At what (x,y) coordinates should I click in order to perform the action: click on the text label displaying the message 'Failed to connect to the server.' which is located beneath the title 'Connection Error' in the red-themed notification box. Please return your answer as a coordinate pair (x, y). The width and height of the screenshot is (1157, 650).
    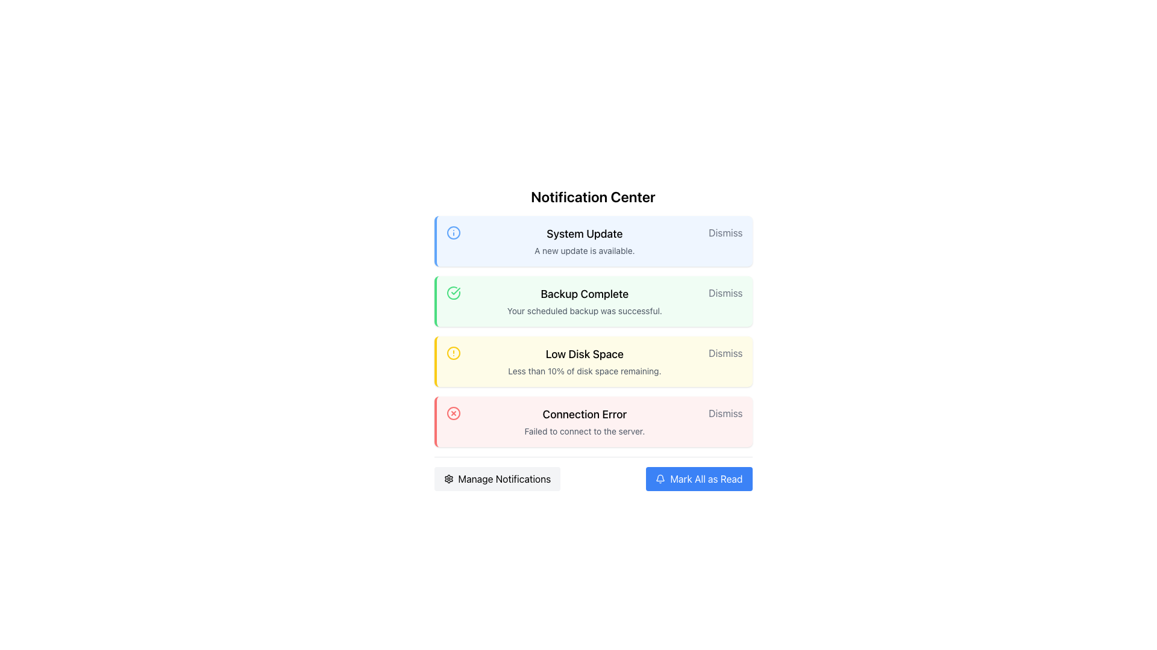
    Looking at the image, I should click on (585, 431).